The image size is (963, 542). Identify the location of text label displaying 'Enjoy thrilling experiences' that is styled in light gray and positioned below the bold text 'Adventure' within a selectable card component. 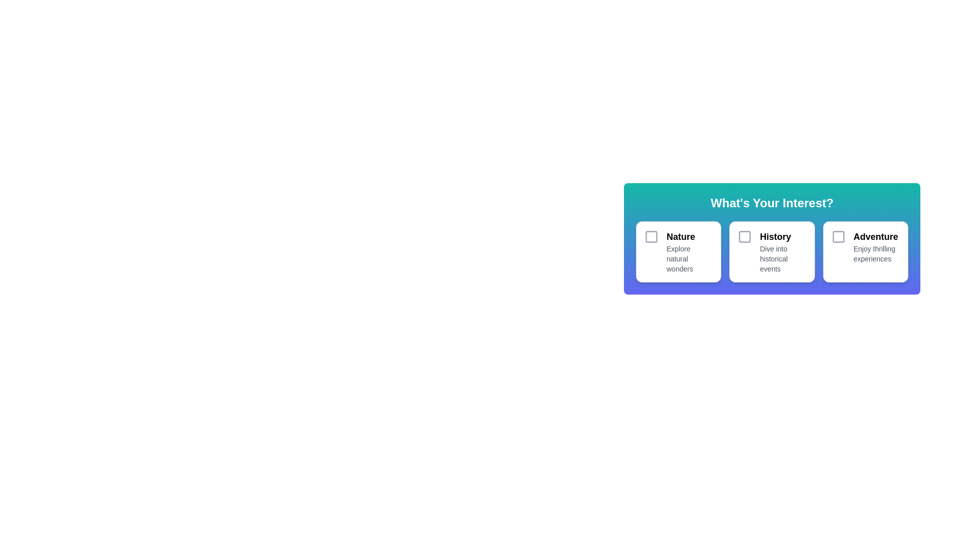
(876, 253).